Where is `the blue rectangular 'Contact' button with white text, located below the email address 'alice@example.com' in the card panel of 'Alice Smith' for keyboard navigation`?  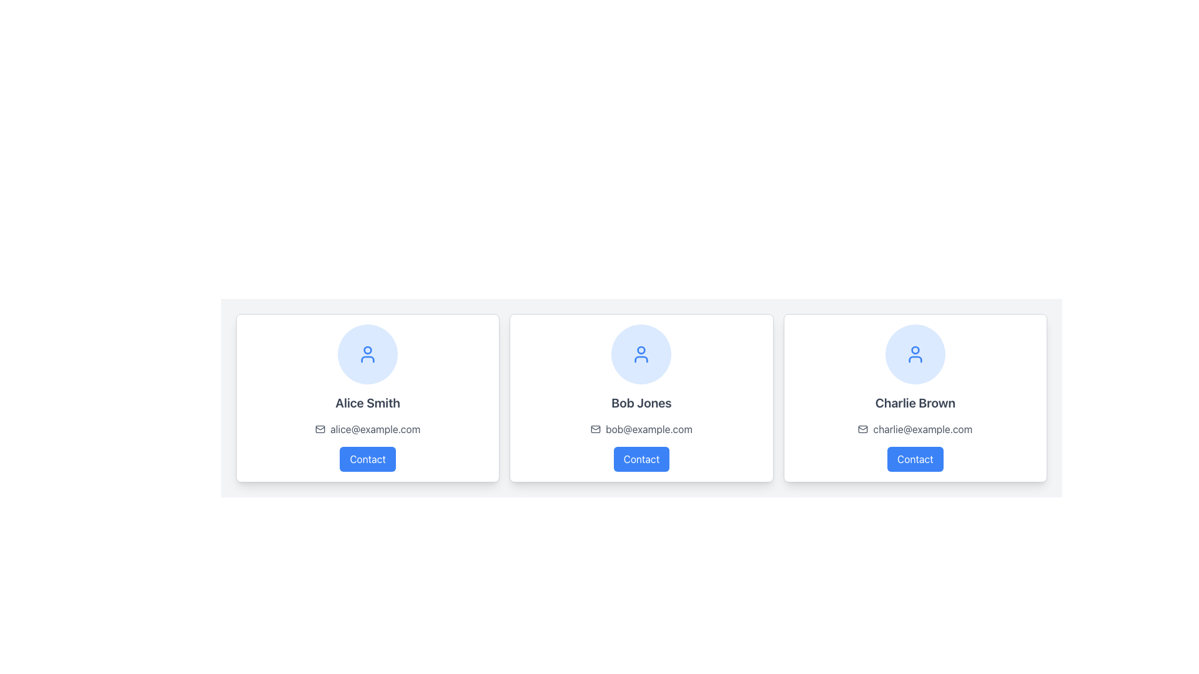 the blue rectangular 'Contact' button with white text, located below the email address 'alice@example.com' in the card panel of 'Alice Smith' for keyboard navigation is located at coordinates (367, 459).